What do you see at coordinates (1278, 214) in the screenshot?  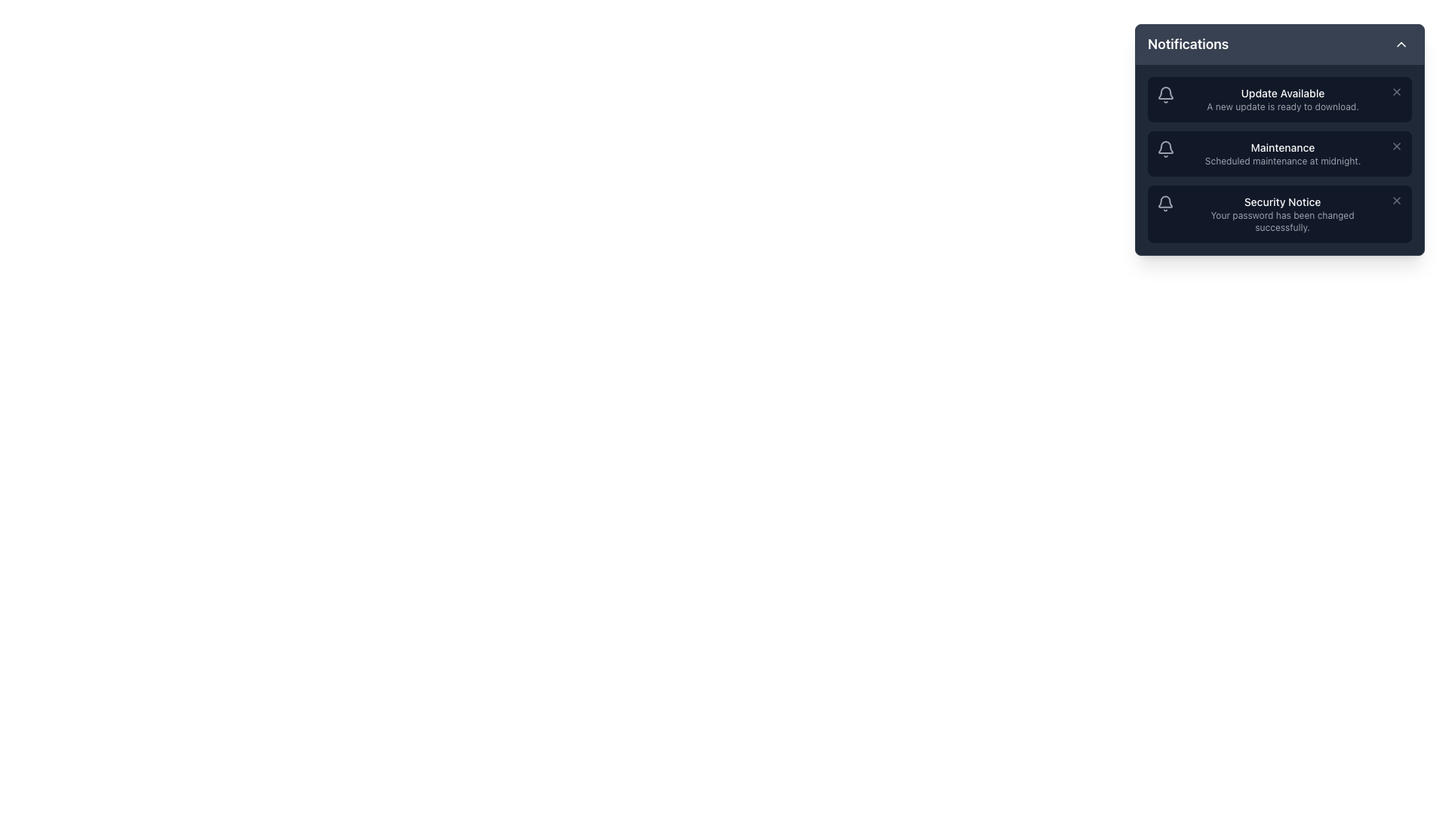 I see `notification about the successful password change in the Notifications panel, which is the third item in the list` at bounding box center [1278, 214].